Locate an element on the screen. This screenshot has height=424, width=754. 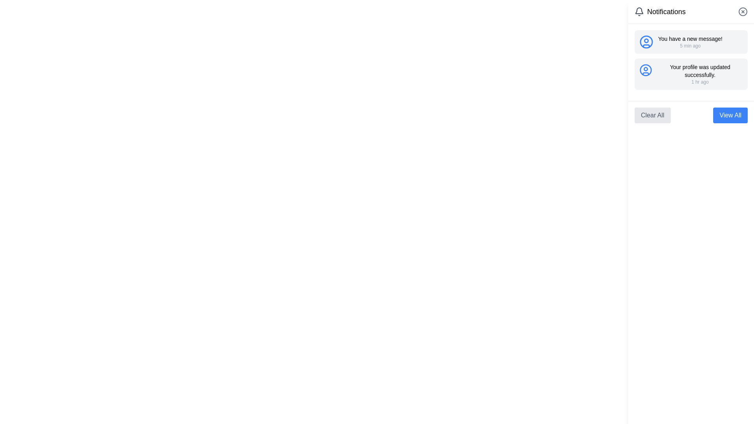
the small circular SVG decorative element located at the top-middle of a larger circular icon, which has a radius of 3 units is located at coordinates (646, 41).